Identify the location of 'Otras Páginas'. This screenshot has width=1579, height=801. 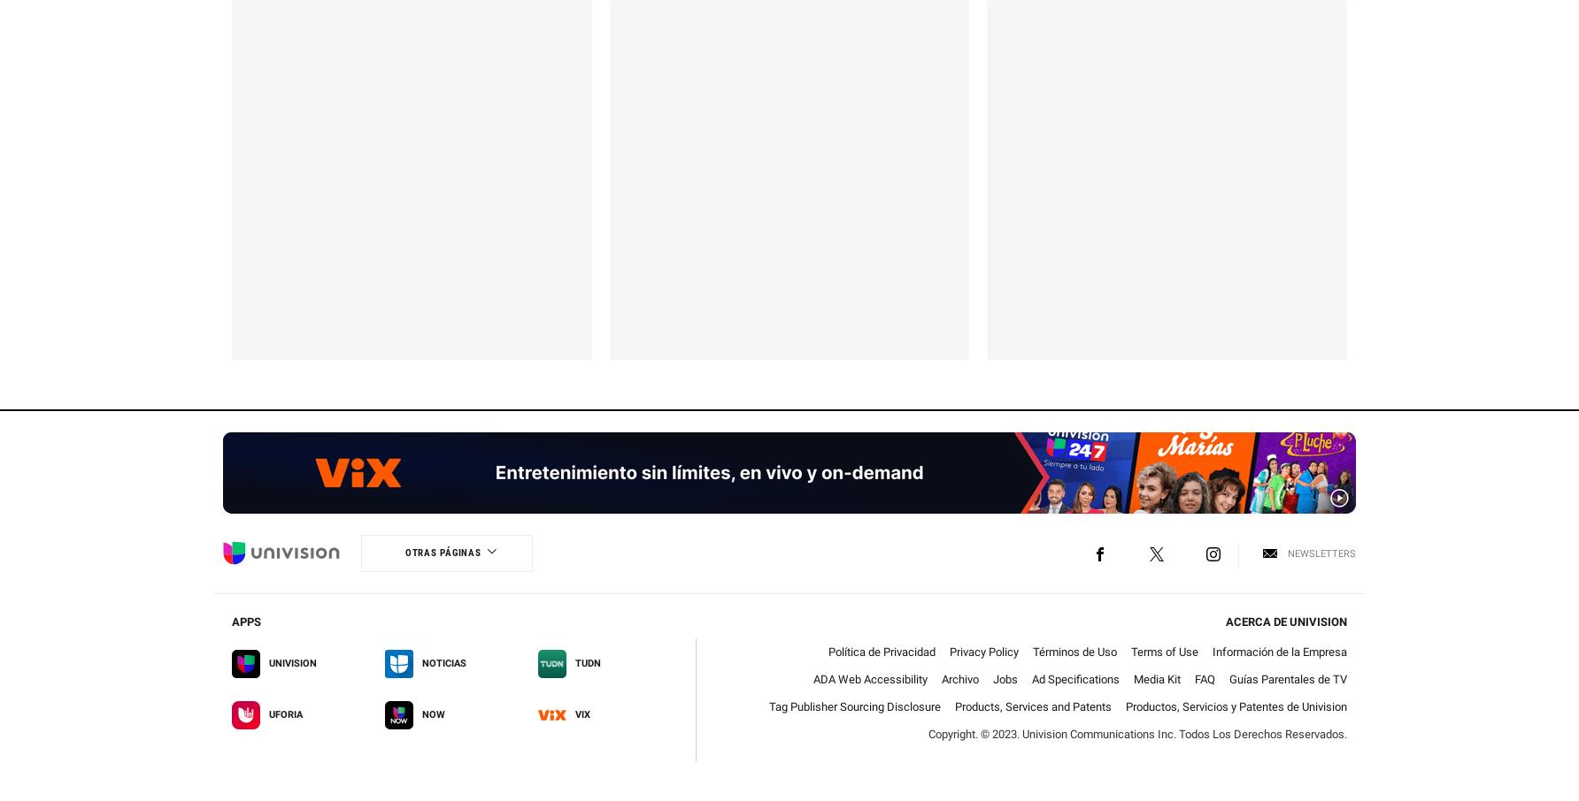
(404, 552).